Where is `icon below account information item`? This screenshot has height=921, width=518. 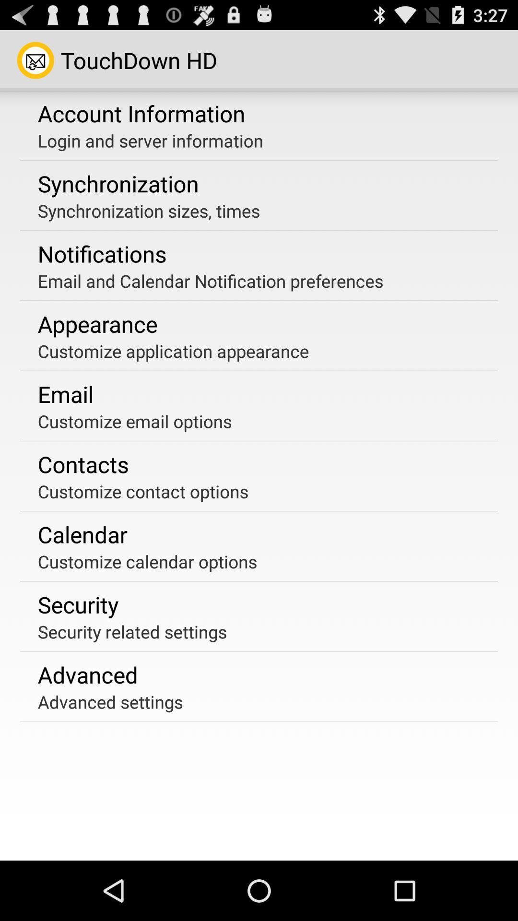
icon below account information item is located at coordinates (150, 140).